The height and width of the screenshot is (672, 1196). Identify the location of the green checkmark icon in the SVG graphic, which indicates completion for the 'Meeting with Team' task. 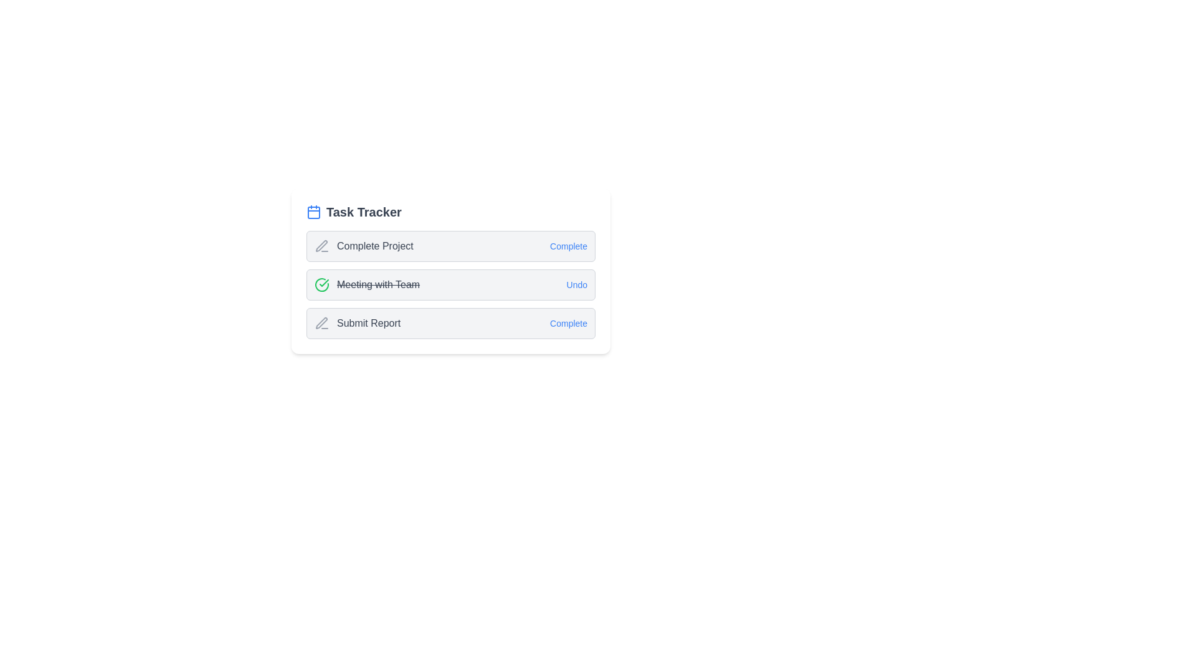
(324, 283).